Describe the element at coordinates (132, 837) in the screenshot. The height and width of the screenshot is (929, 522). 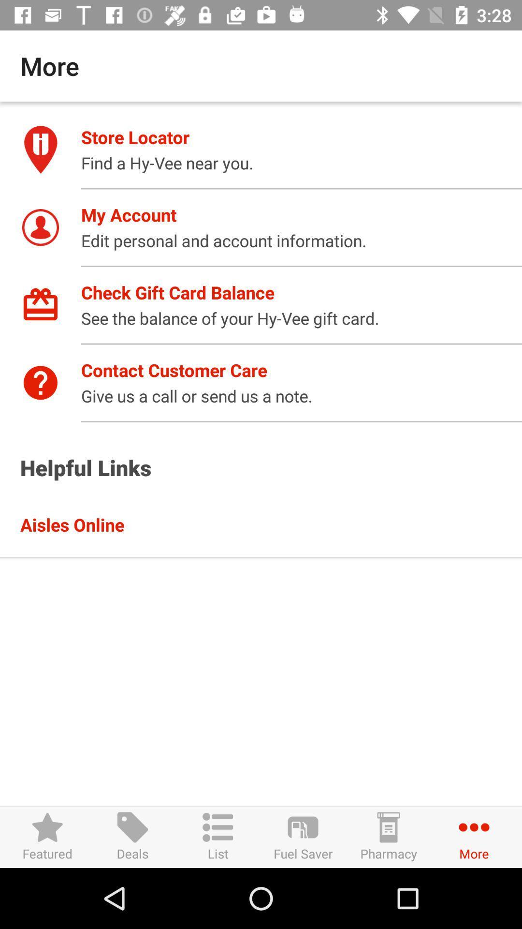
I see `item to the left of list` at that location.